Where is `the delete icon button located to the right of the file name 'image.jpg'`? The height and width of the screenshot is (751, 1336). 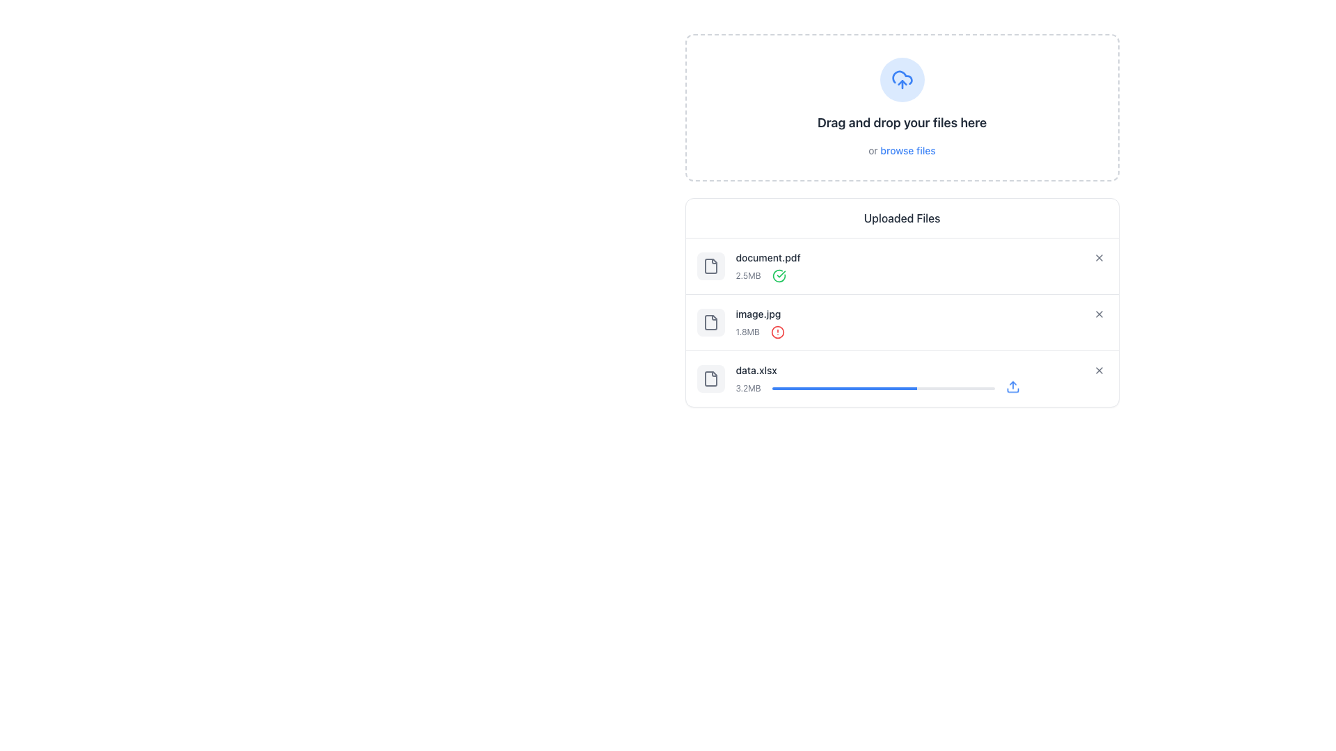
the delete icon button located to the right of the file name 'image.jpg' is located at coordinates (1098, 314).